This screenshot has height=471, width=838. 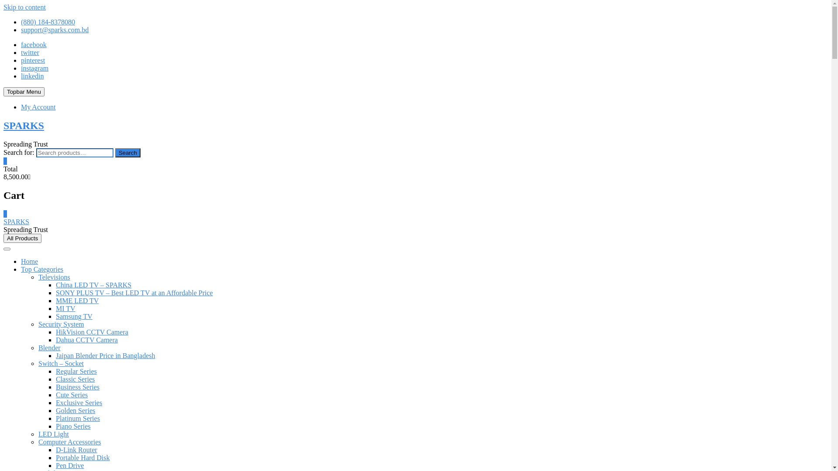 I want to click on 'Portable Hard Disk', so click(x=83, y=457).